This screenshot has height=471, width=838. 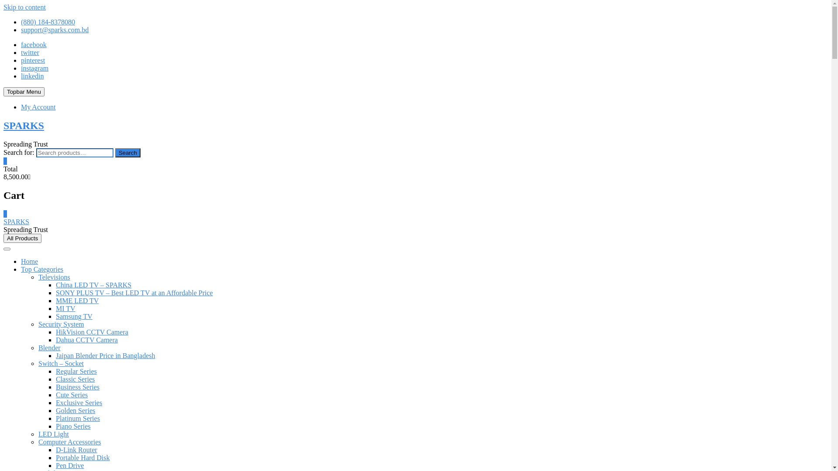 I want to click on 'Portable Hard Disk', so click(x=83, y=457).